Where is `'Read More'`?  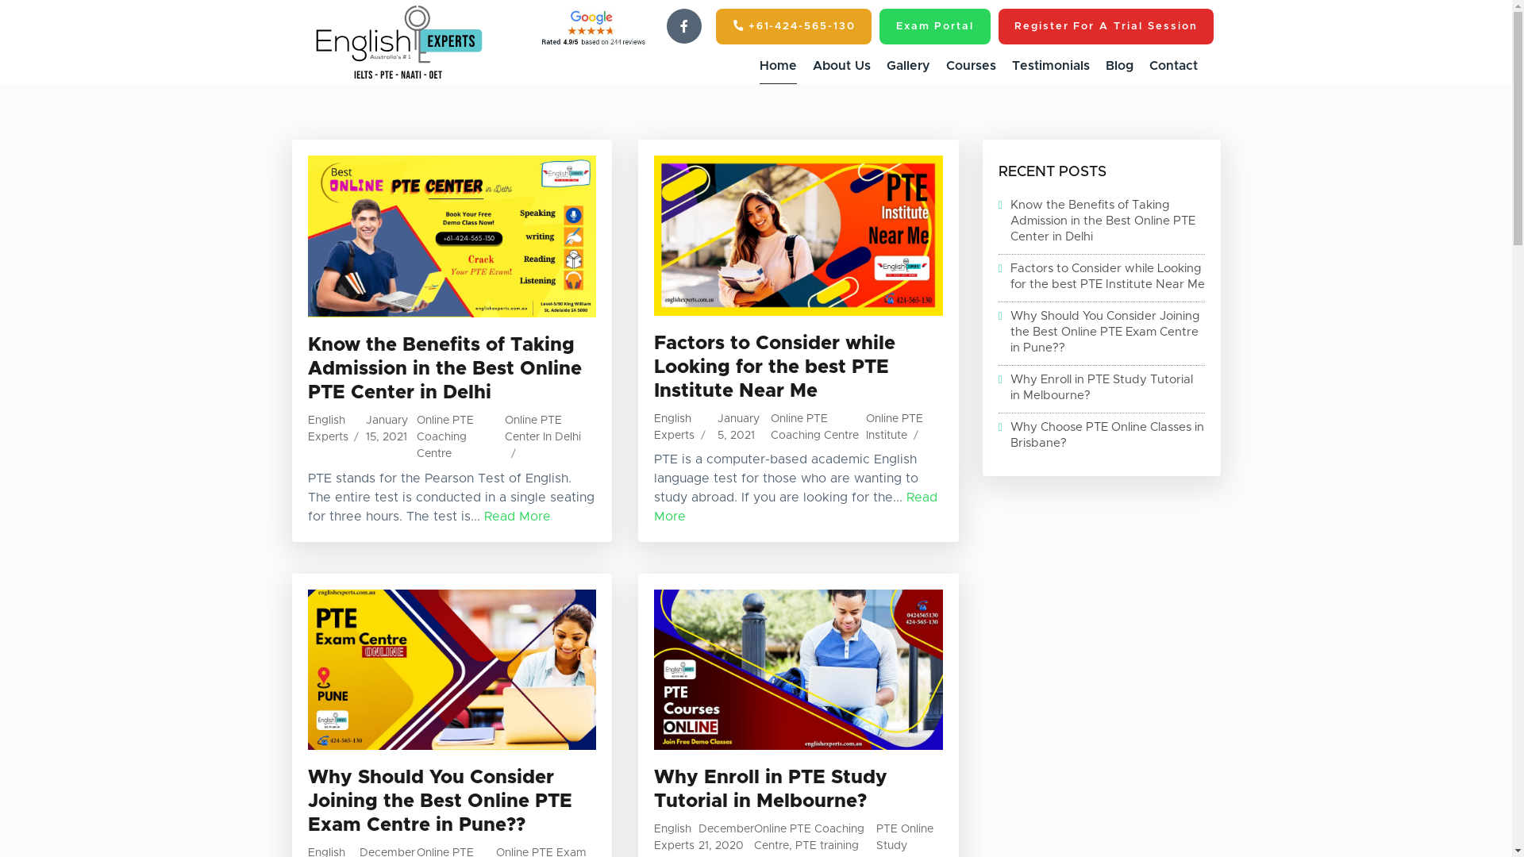
'Read More' is located at coordinates (795, 507).